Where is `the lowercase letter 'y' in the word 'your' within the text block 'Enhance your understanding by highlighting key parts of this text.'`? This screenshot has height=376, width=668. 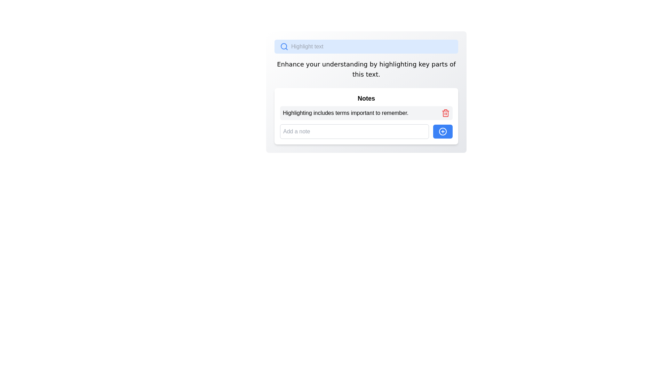 the lowercase letter 'y' in the word 'your' within the text block 'Enhance your understanding by highlighting key parts of this text.' is located at coordinates (307, 64).